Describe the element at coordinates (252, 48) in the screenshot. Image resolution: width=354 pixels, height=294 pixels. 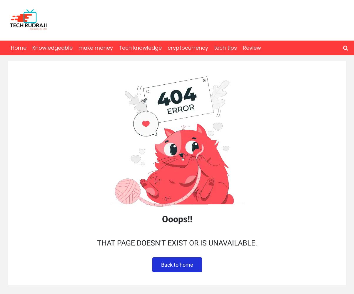
I see `'Review'` at that location.